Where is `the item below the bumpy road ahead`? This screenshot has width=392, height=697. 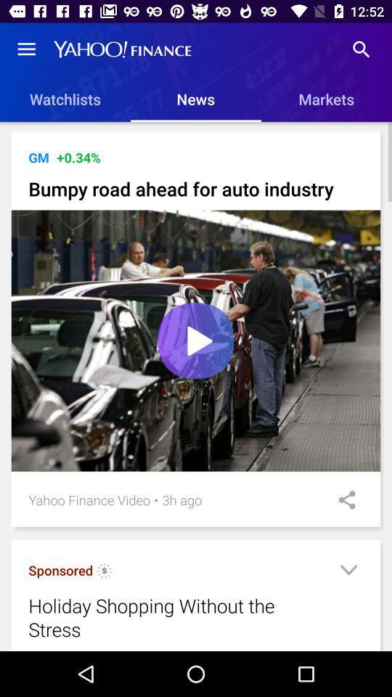 the item below the bumpy road ahead is located at coordinates (196, 341).